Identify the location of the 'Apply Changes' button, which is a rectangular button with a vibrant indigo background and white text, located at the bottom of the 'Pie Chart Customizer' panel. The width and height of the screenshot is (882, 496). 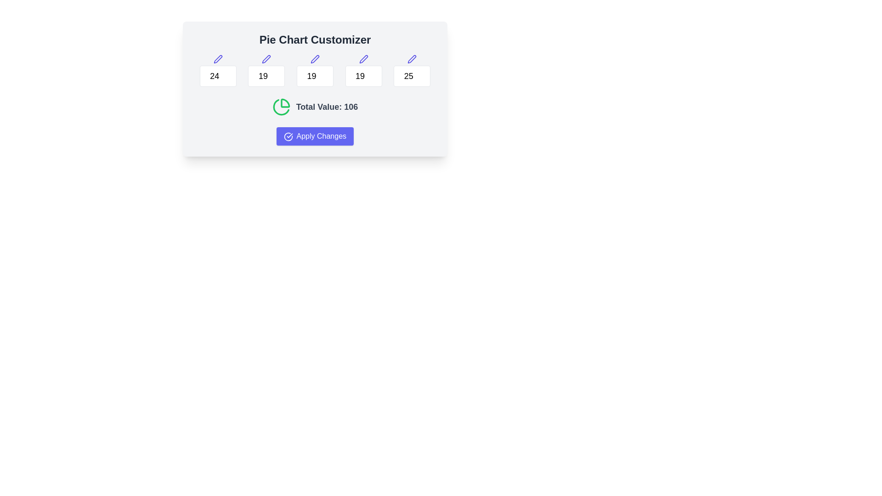
(315, 136).